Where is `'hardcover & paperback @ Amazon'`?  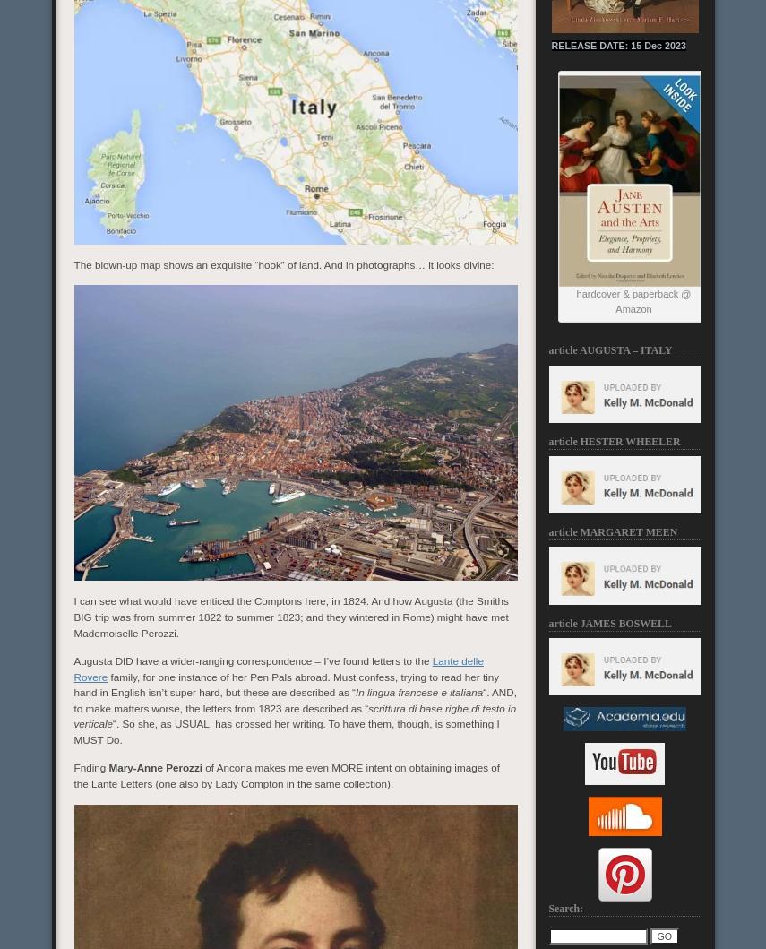 'hardcover & paperback @ Amazon' is located at coordinates (632, 300).